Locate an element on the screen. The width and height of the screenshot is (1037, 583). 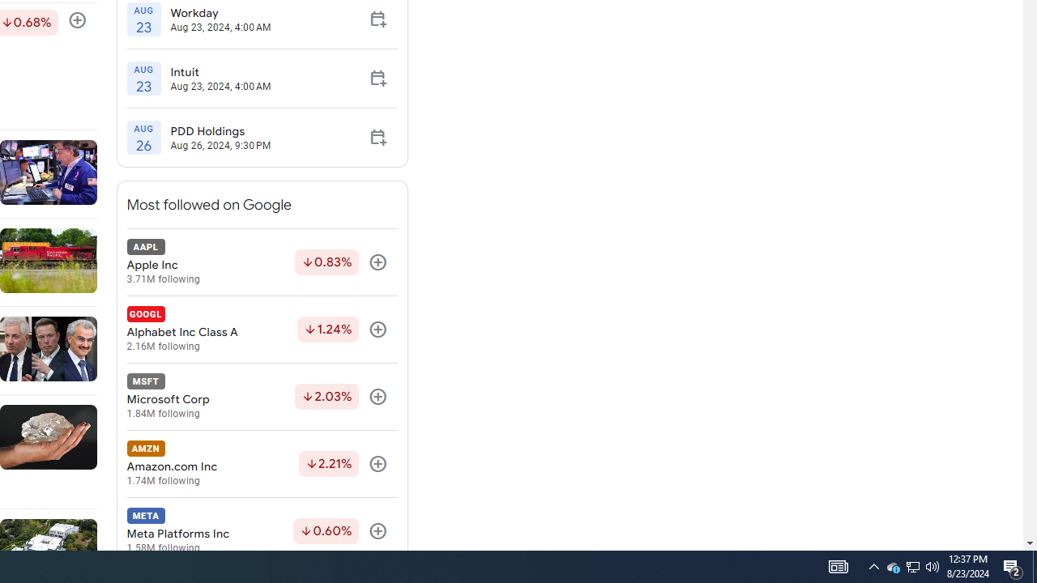
'Intuit' is located at coordinates (220, 71).